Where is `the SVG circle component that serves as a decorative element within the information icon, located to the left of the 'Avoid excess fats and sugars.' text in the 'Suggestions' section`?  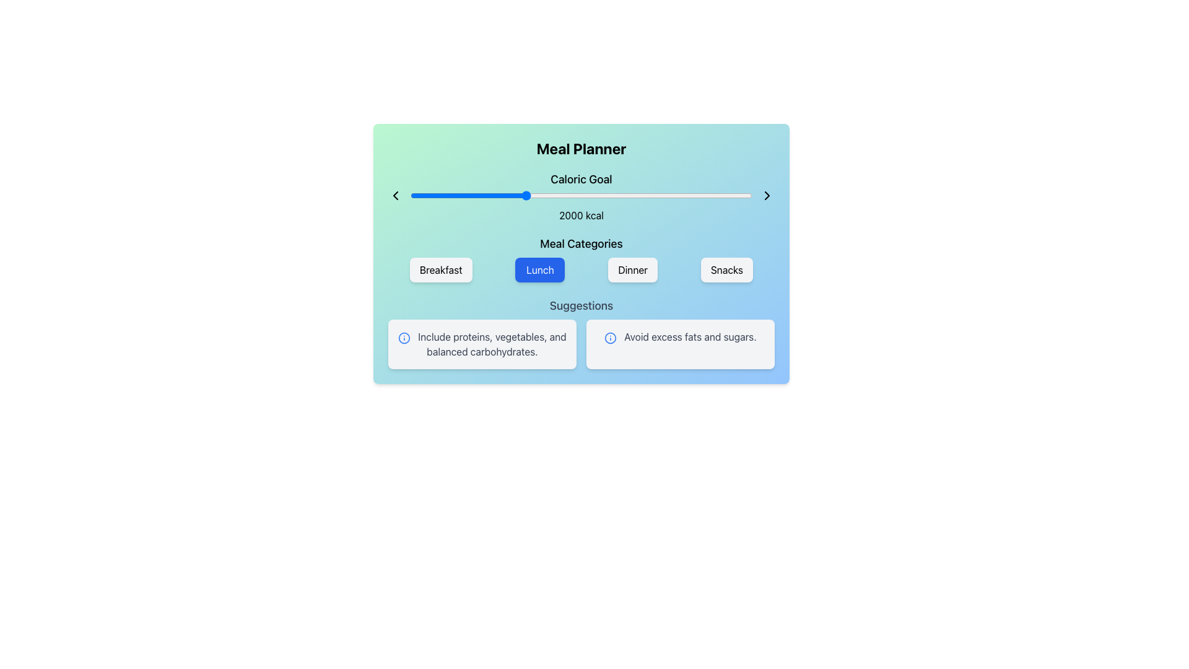 the SVG circle component that serves as a decorative element within the information icon, located to the left of the 'Avoid excess fats and sugars.' text in the 'Suggestions' section is located at coordinates (404, 338).